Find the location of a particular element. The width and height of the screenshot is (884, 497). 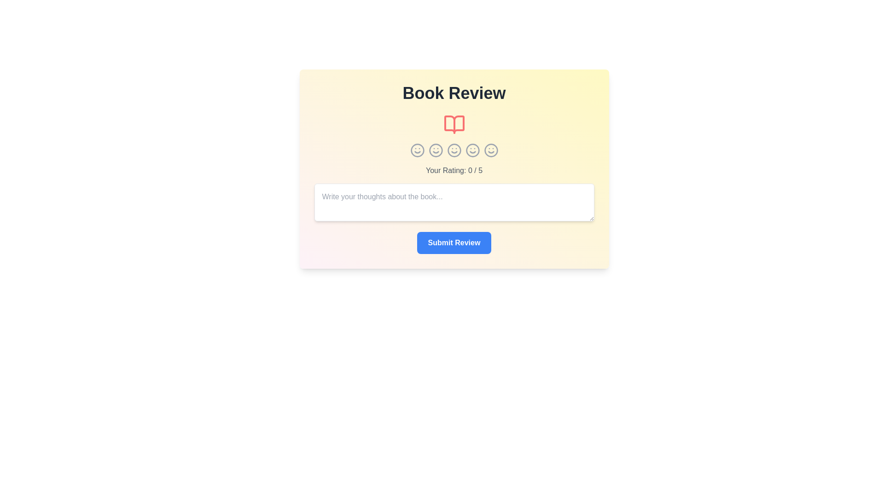

the star icon corresponding to the rating 4 to set the rating is located at coordinates (472, 150).